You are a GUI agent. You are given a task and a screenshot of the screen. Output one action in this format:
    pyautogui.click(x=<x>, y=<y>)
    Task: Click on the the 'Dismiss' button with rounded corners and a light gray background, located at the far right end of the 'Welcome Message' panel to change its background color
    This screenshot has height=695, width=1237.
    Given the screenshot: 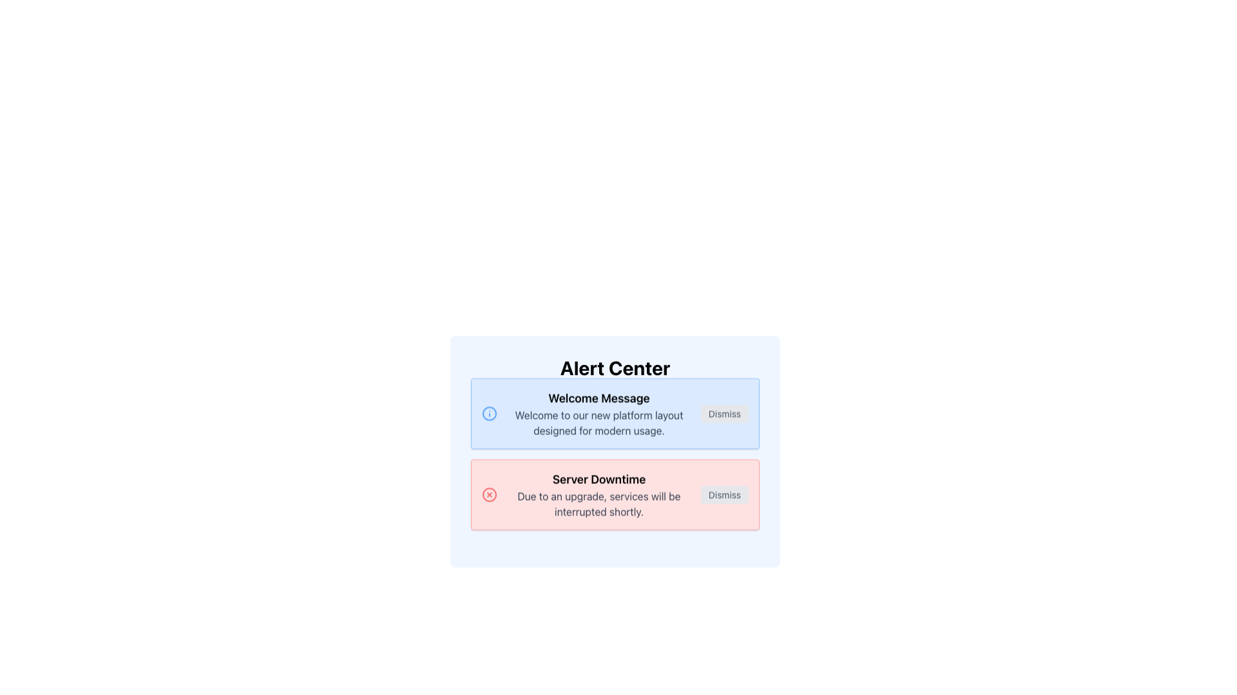 What is the action you would take?
    pyautogui.click(x=724, y=425)
    